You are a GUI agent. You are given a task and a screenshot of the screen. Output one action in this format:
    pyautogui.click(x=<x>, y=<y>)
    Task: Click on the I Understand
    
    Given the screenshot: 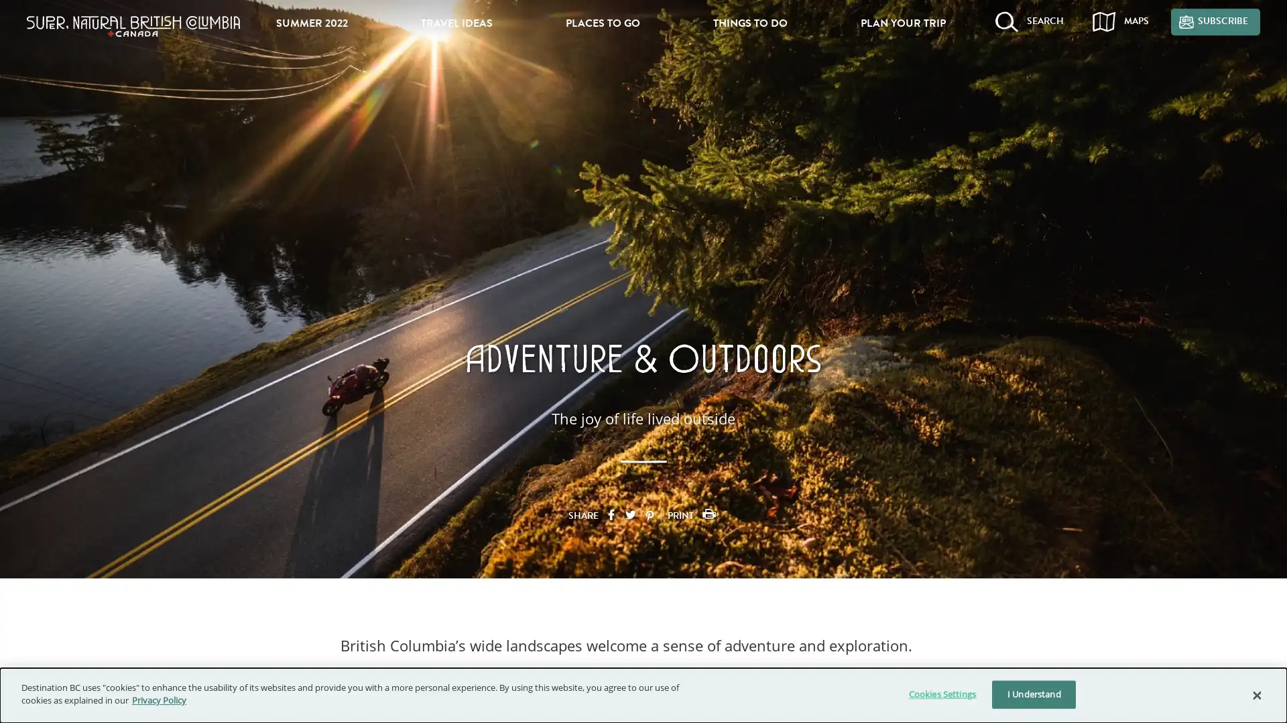 What is the action you would take?
    pyautogui.click(x=1033, y=694)
    